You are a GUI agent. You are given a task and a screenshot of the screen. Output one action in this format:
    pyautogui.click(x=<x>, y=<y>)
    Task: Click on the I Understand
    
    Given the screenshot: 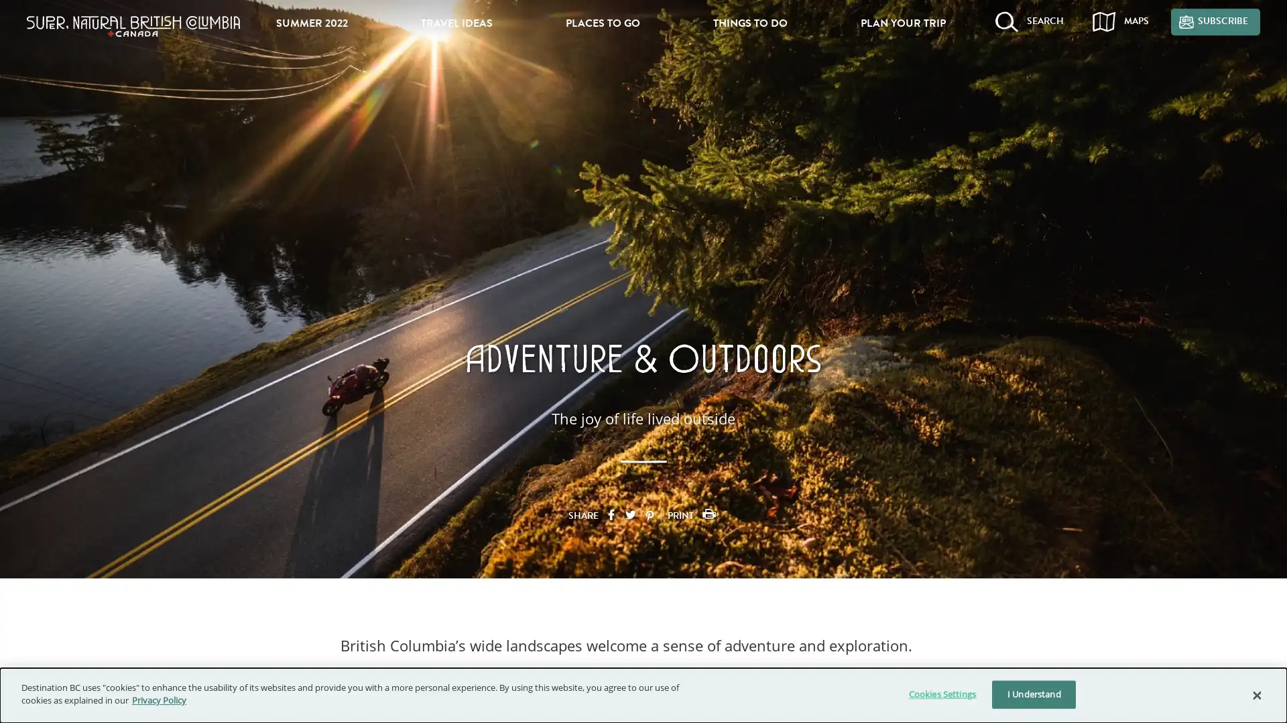 What is the action you would take?
    pyautogui.click(x=1033, y=694)
    